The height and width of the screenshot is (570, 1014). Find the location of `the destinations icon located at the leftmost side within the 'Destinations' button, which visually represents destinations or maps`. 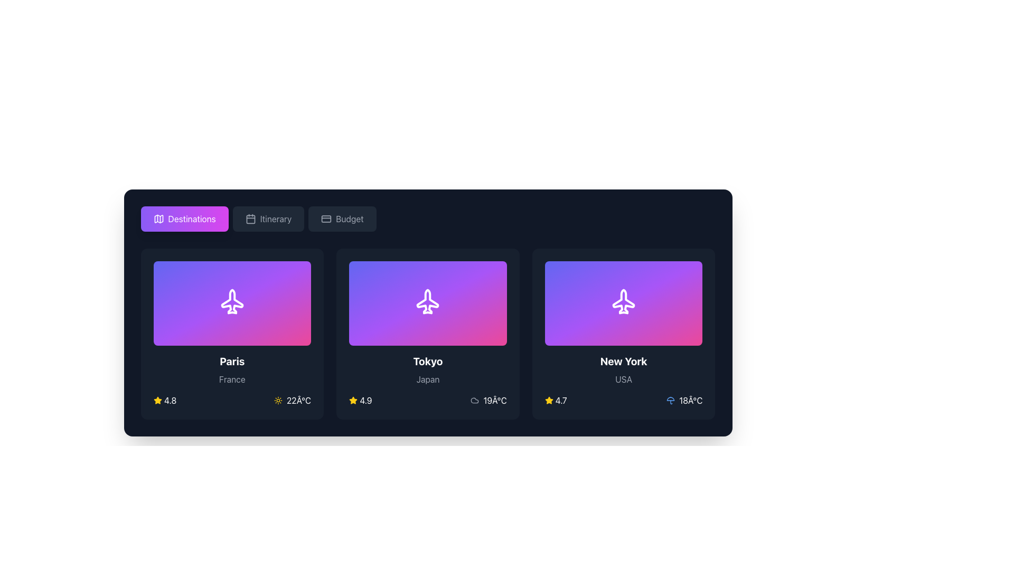

the destinations icon located at the leftmost side within the 'Destinations' button, which visually represents destinations or maps is located at coordinates (158, 218).